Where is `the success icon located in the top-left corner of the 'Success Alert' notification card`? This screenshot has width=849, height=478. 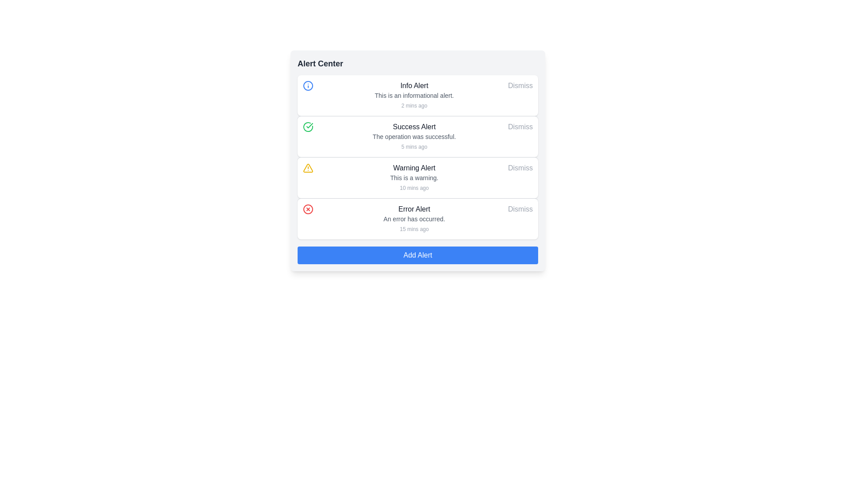
the success icon located in the top-left corner of the 'Success Alert' notification card is located at coordinates (308, 127).